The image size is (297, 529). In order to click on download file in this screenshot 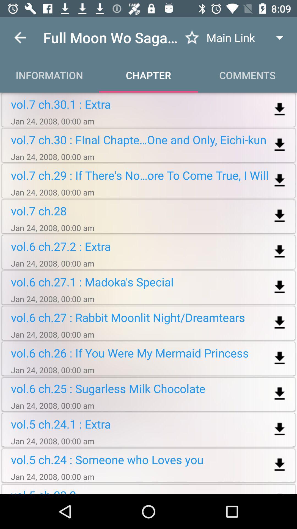, I will do `click(280, 393)`.